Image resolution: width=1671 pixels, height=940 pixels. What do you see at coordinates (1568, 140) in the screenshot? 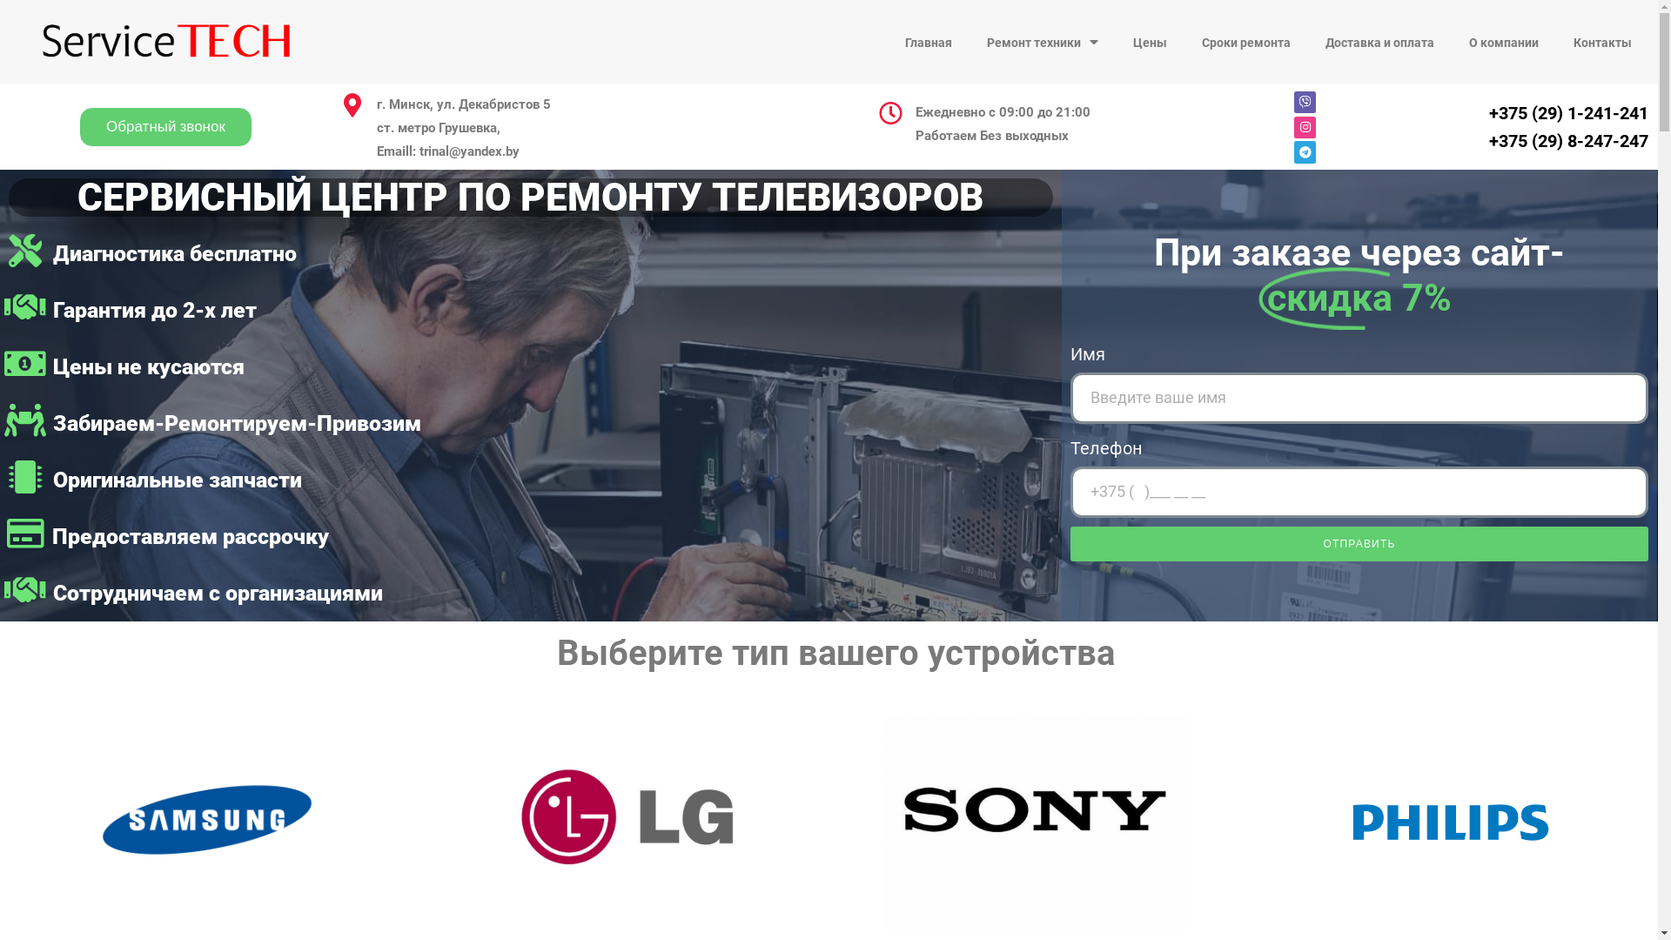
I see `'+375 (29) 8-247-247'` at bounding box center [1568, 140].